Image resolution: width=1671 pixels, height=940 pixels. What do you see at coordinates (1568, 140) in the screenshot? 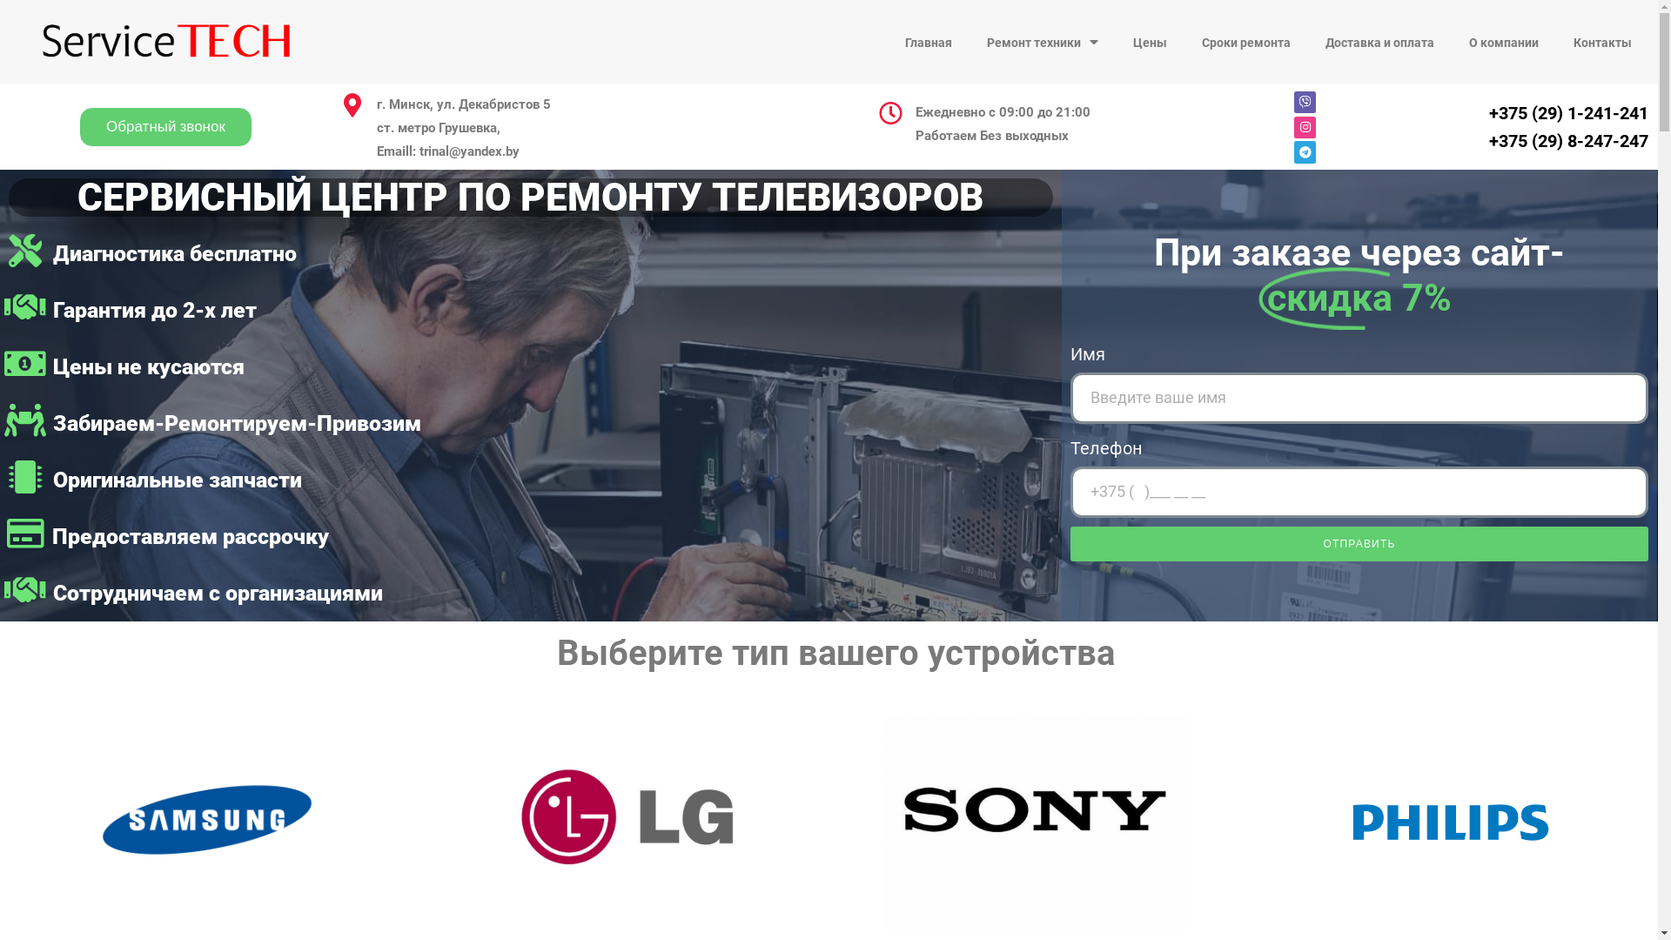
I see `'+375 (29) 8-247-247'` at bounding box center [1568, 140].